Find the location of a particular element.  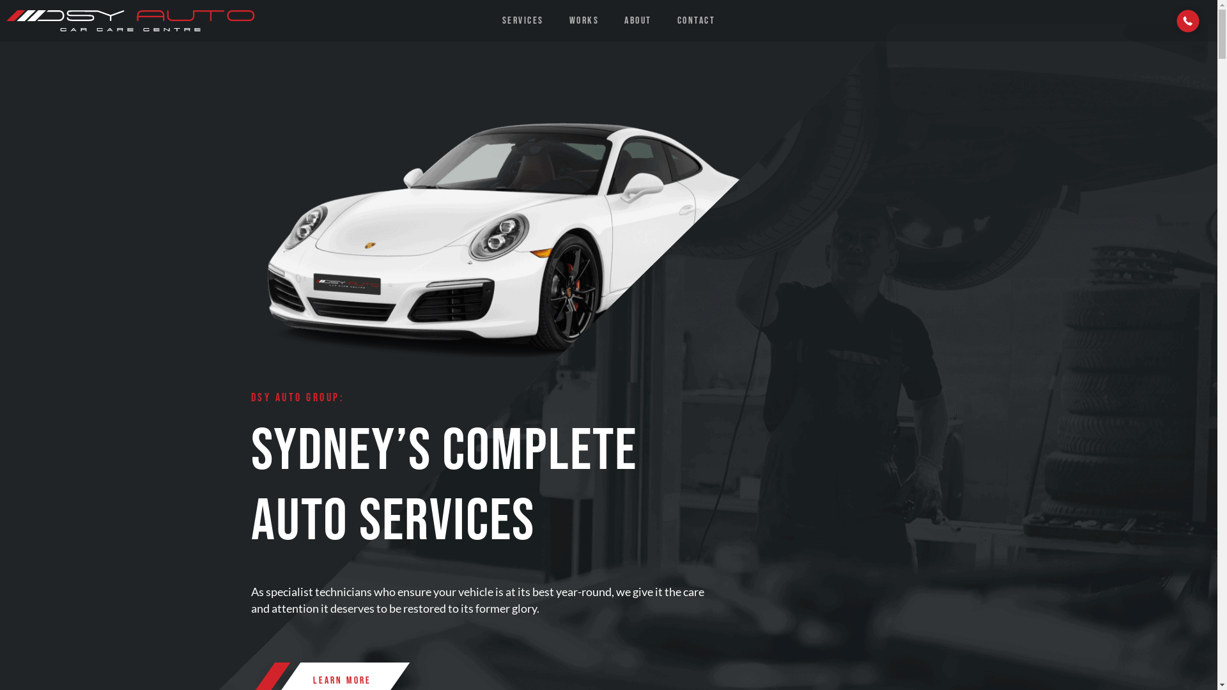

'About' is located at coordinates (610, 20).